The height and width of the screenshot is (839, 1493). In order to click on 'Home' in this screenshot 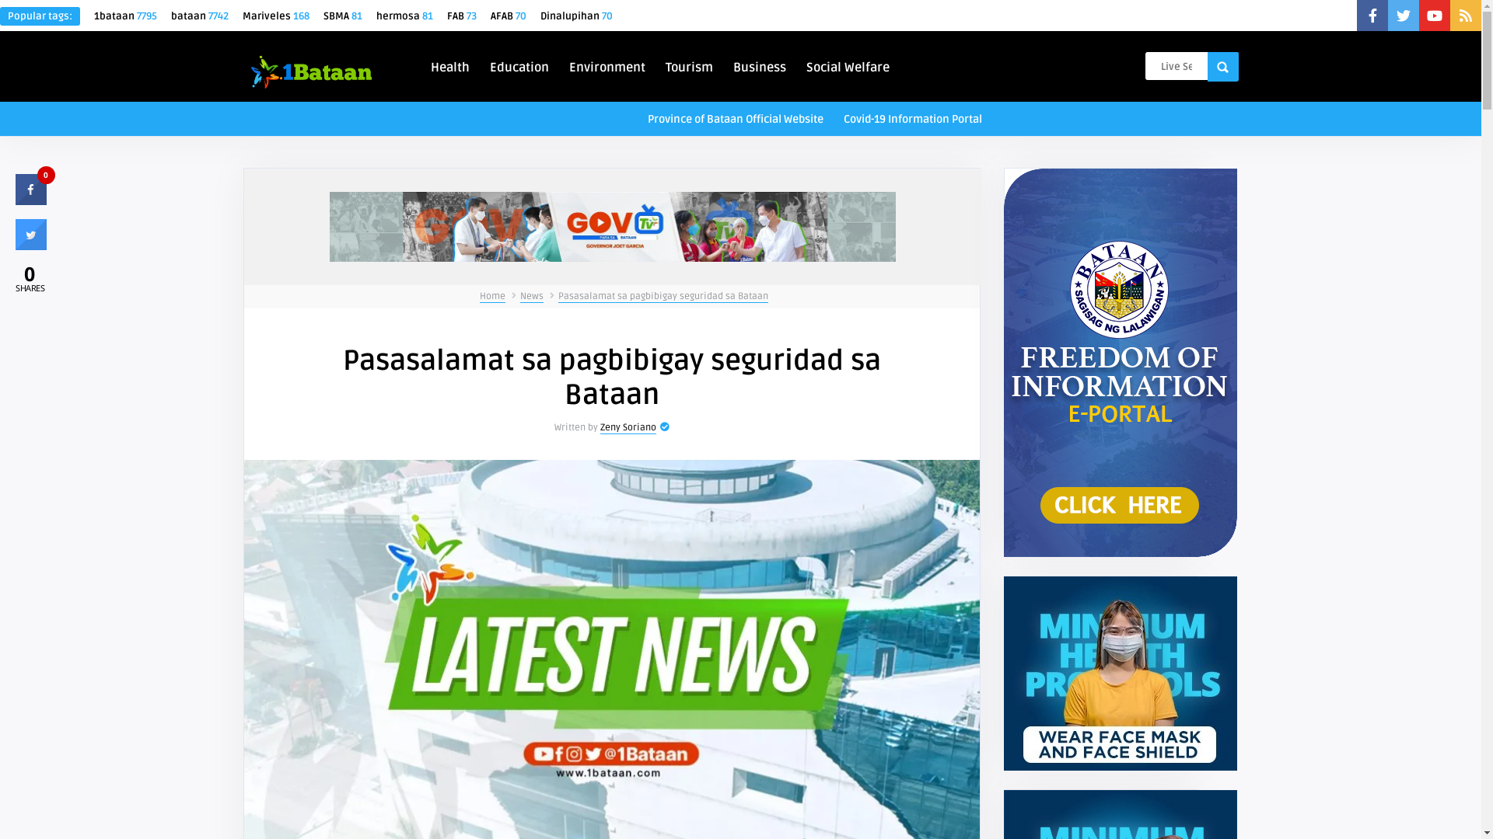, I will do `click(491, 296)`.